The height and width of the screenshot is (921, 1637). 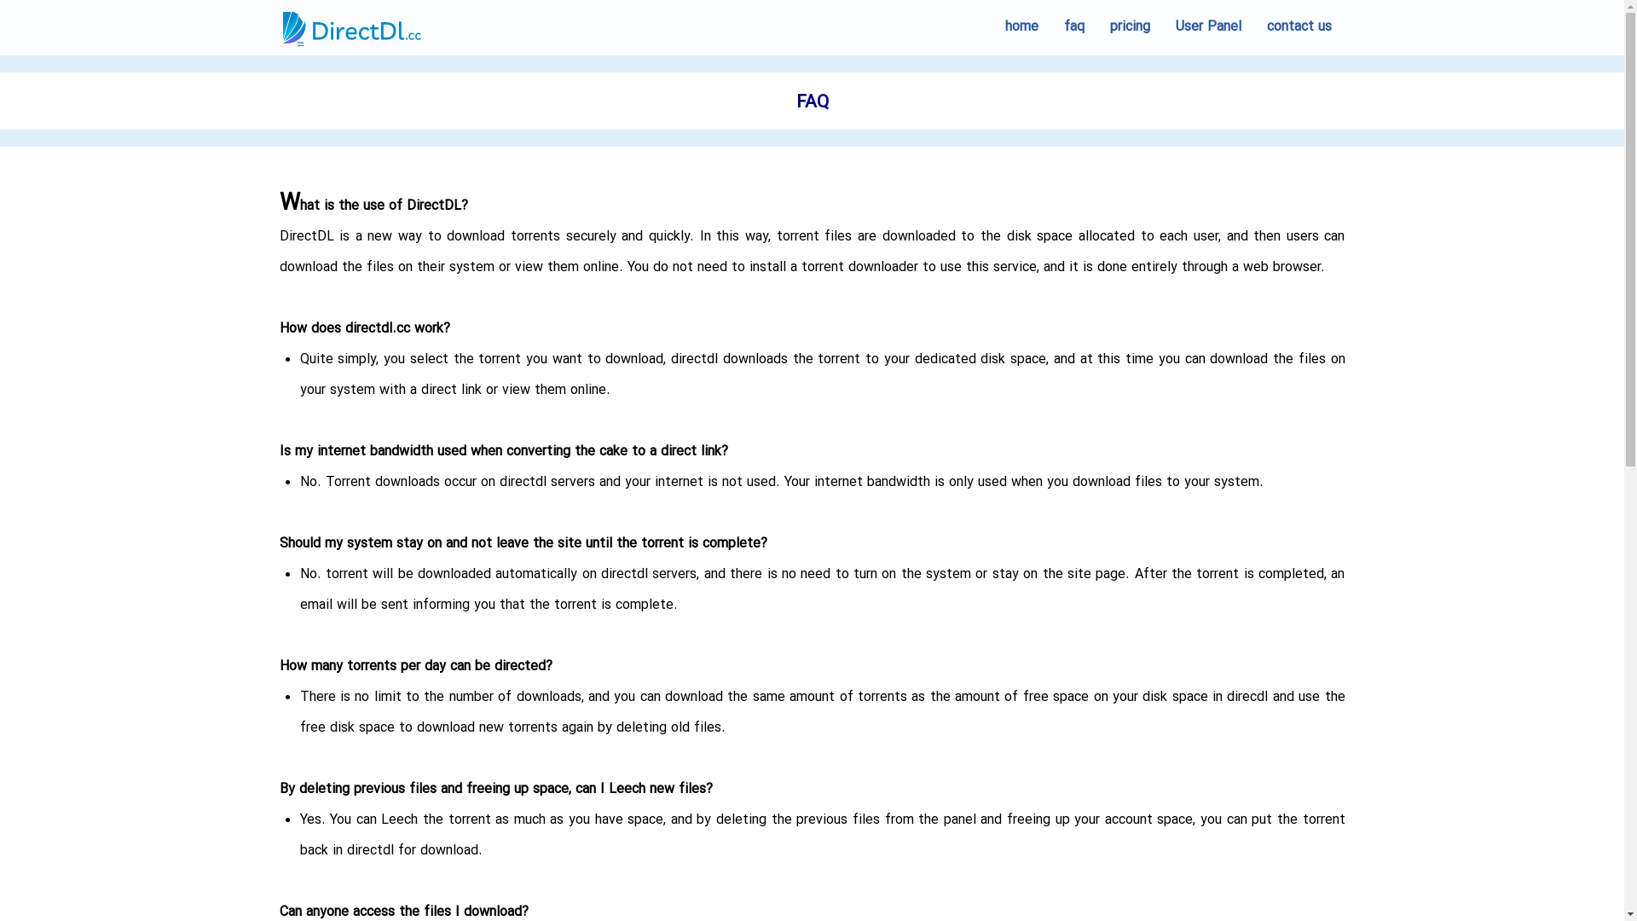 What do you see at coordinates (1297, 26) in the screenshot?
I see `'contact us'` at bounding box center [1297, 26].